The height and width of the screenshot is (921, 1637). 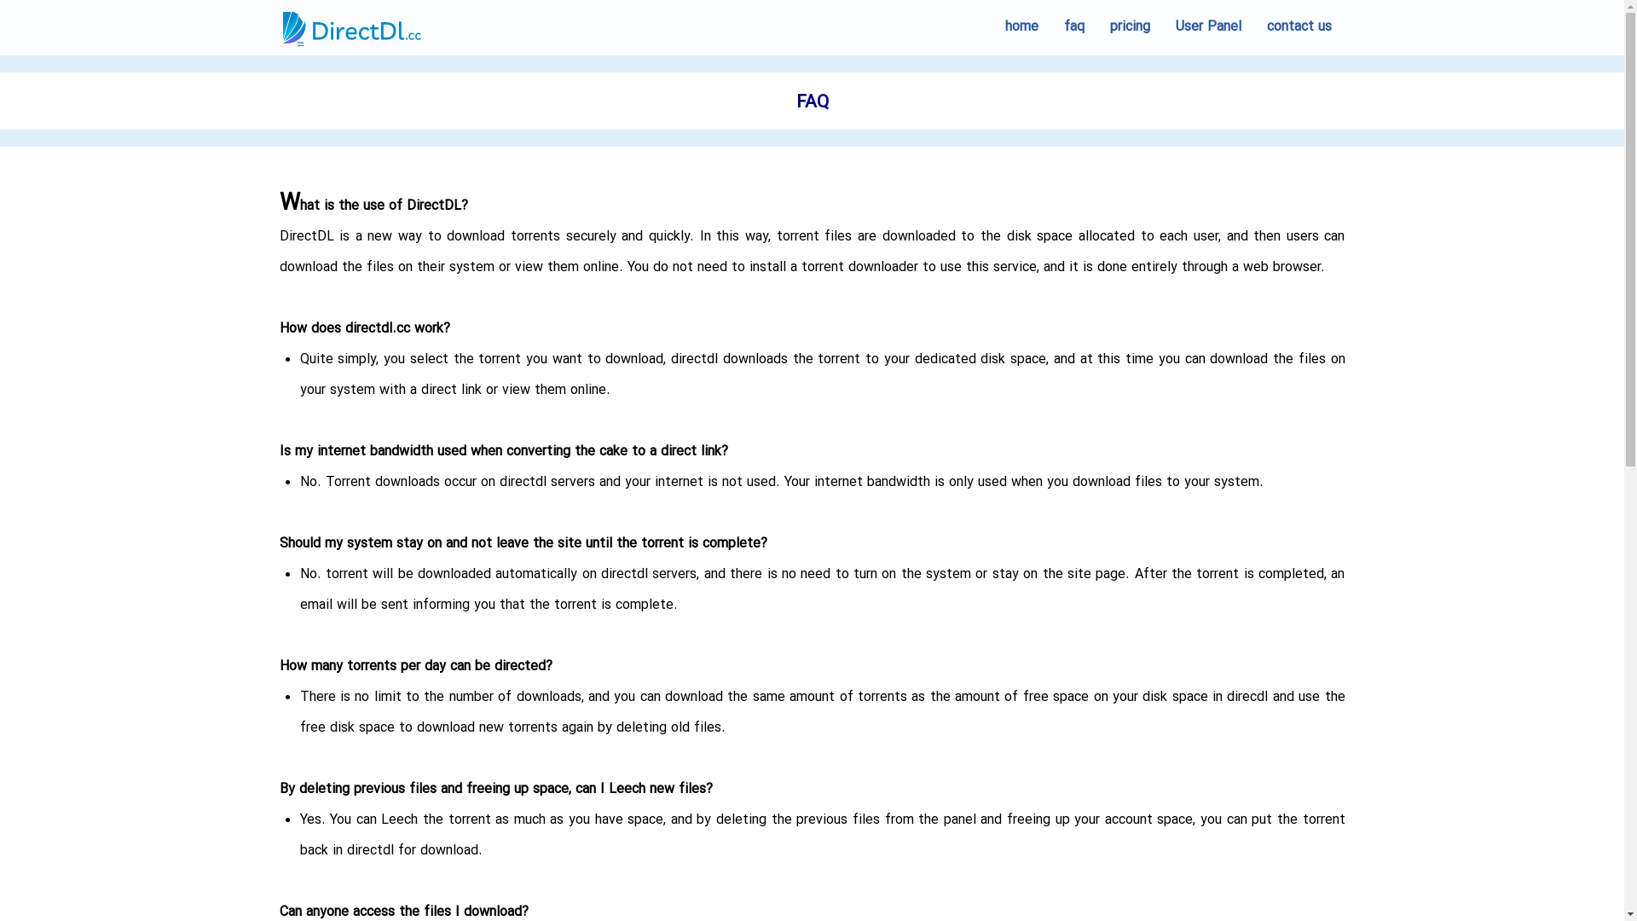 What do you see at coordinates (1297, 26) in the screenshot?
I see `'contact us'` at bounding box center [1297, 26].